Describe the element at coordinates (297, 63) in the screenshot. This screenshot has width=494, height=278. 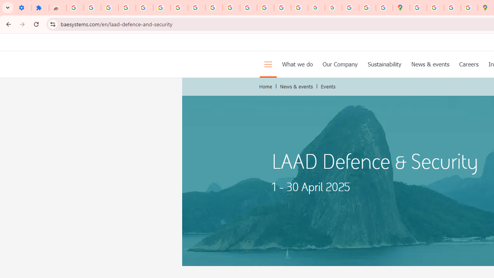
I see `'What we do'` at that location.